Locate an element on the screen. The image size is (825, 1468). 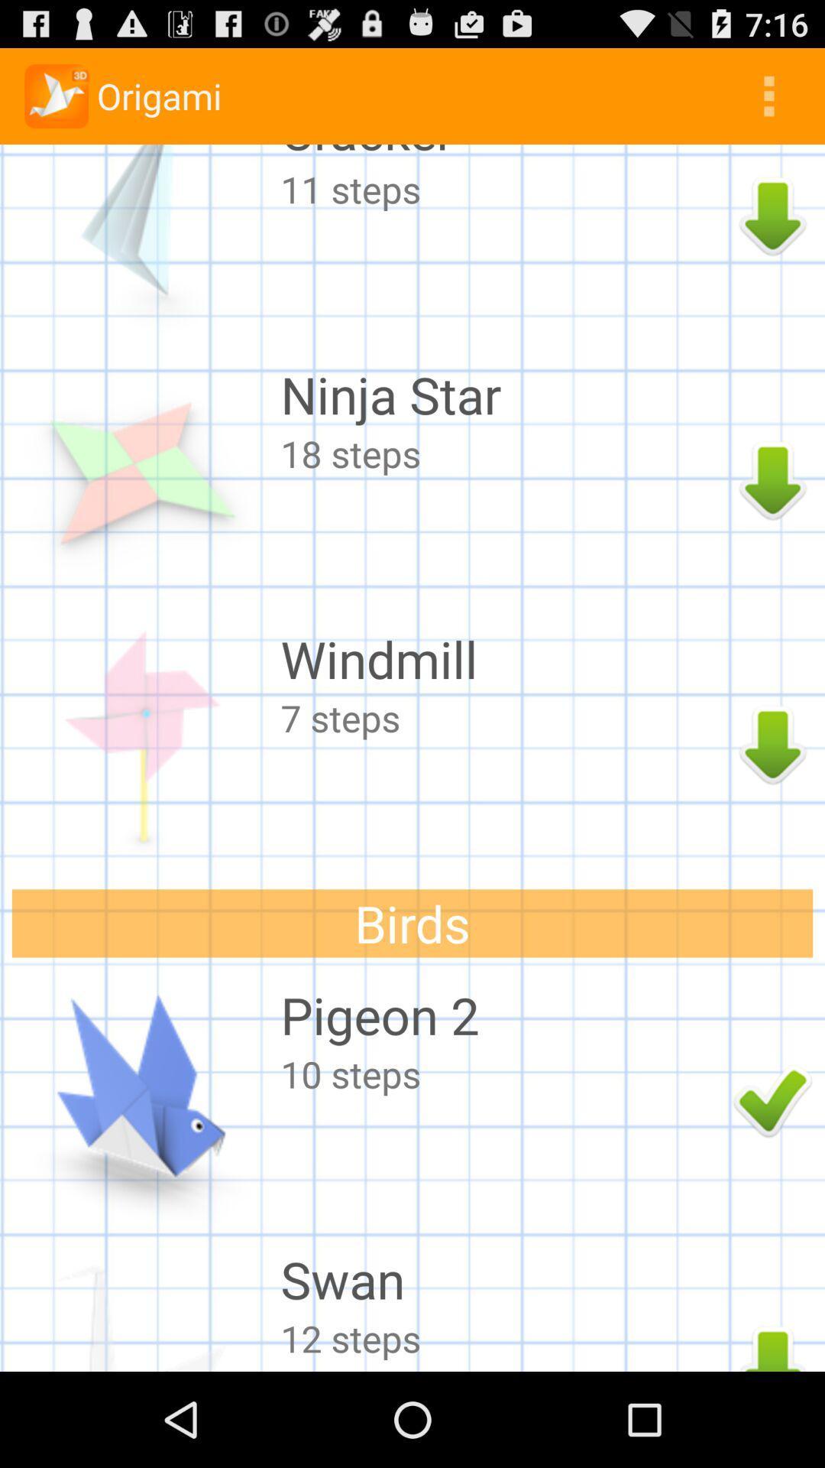
icon above the windmill is located at coordinates (503, 453).